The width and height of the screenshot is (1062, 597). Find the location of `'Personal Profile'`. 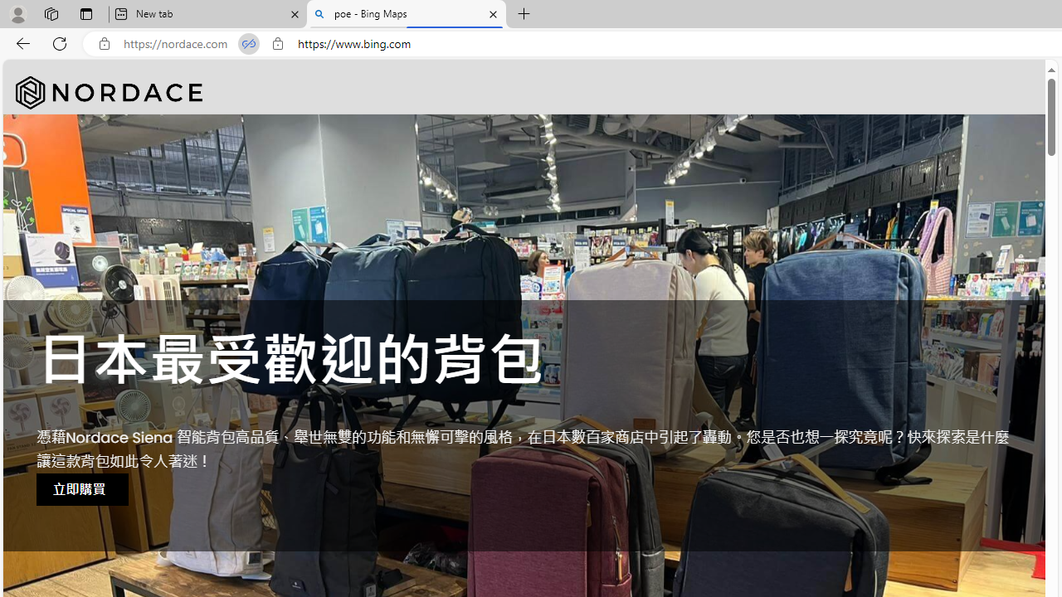

'Personal Profile' is located at coordinates (17, 13).